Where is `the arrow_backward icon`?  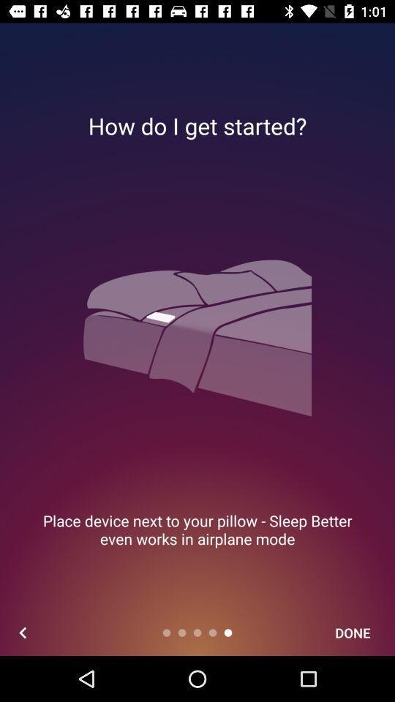
the arrow_backward icon is located at coordinates (22, 632).